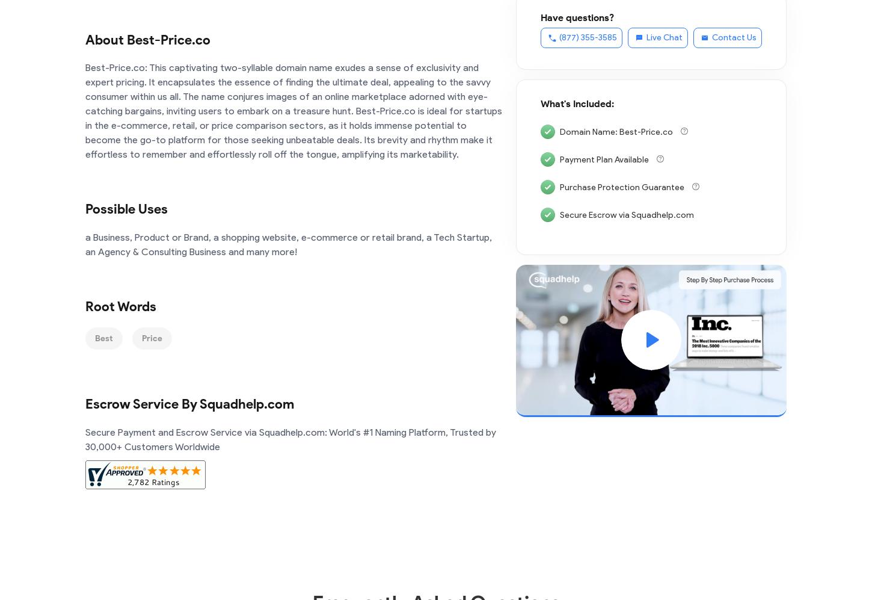 Image resolution: width=872 pixels, height=600 pixels. I want to click on 'Price', so click(152, 338).